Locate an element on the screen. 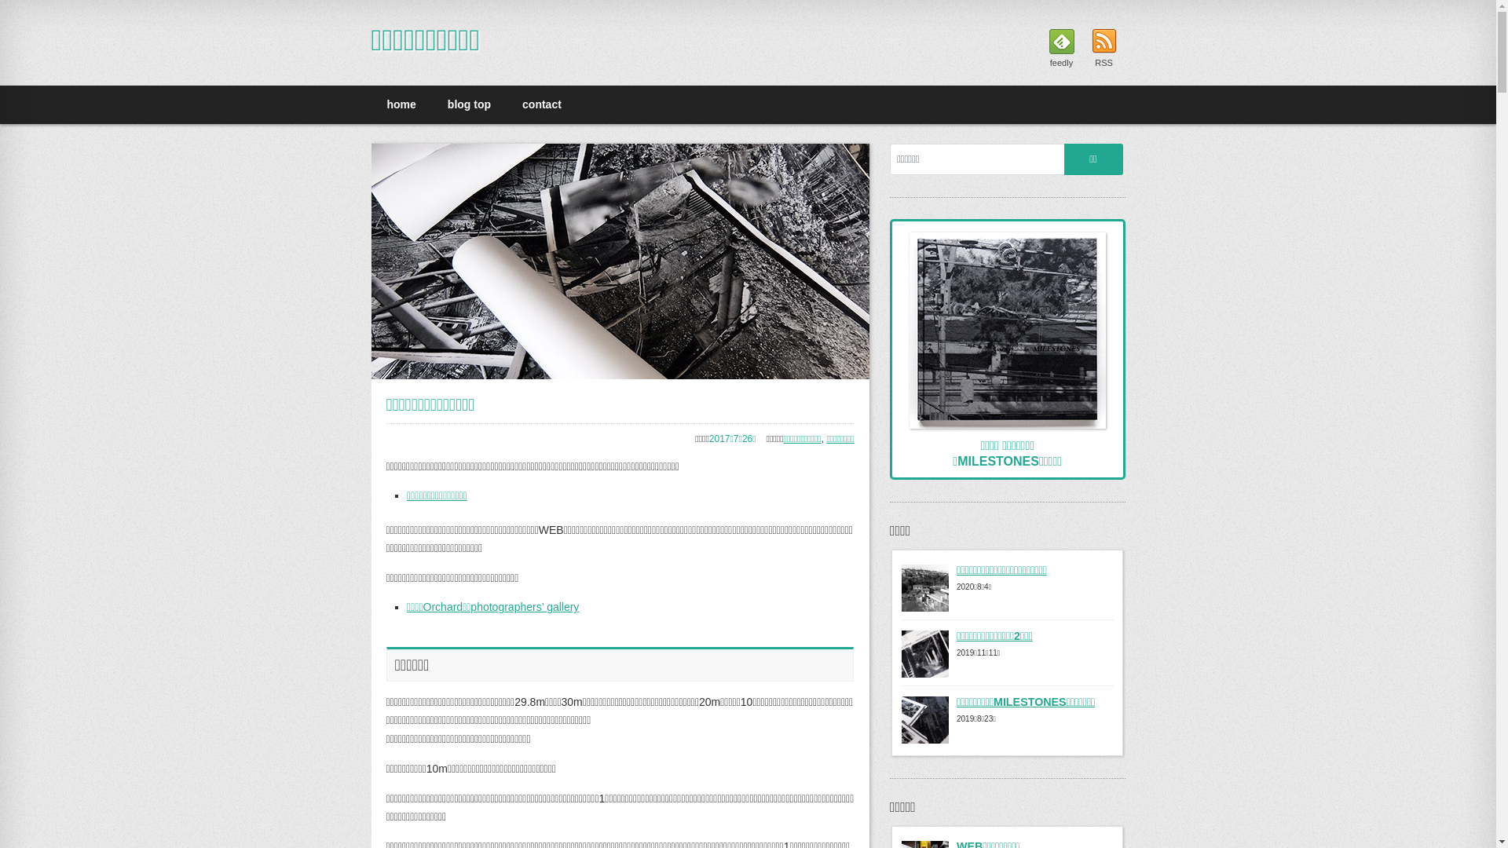 This screenshot has width=1508, height=848. 'RSS' is located at coordinates (1103, 48).